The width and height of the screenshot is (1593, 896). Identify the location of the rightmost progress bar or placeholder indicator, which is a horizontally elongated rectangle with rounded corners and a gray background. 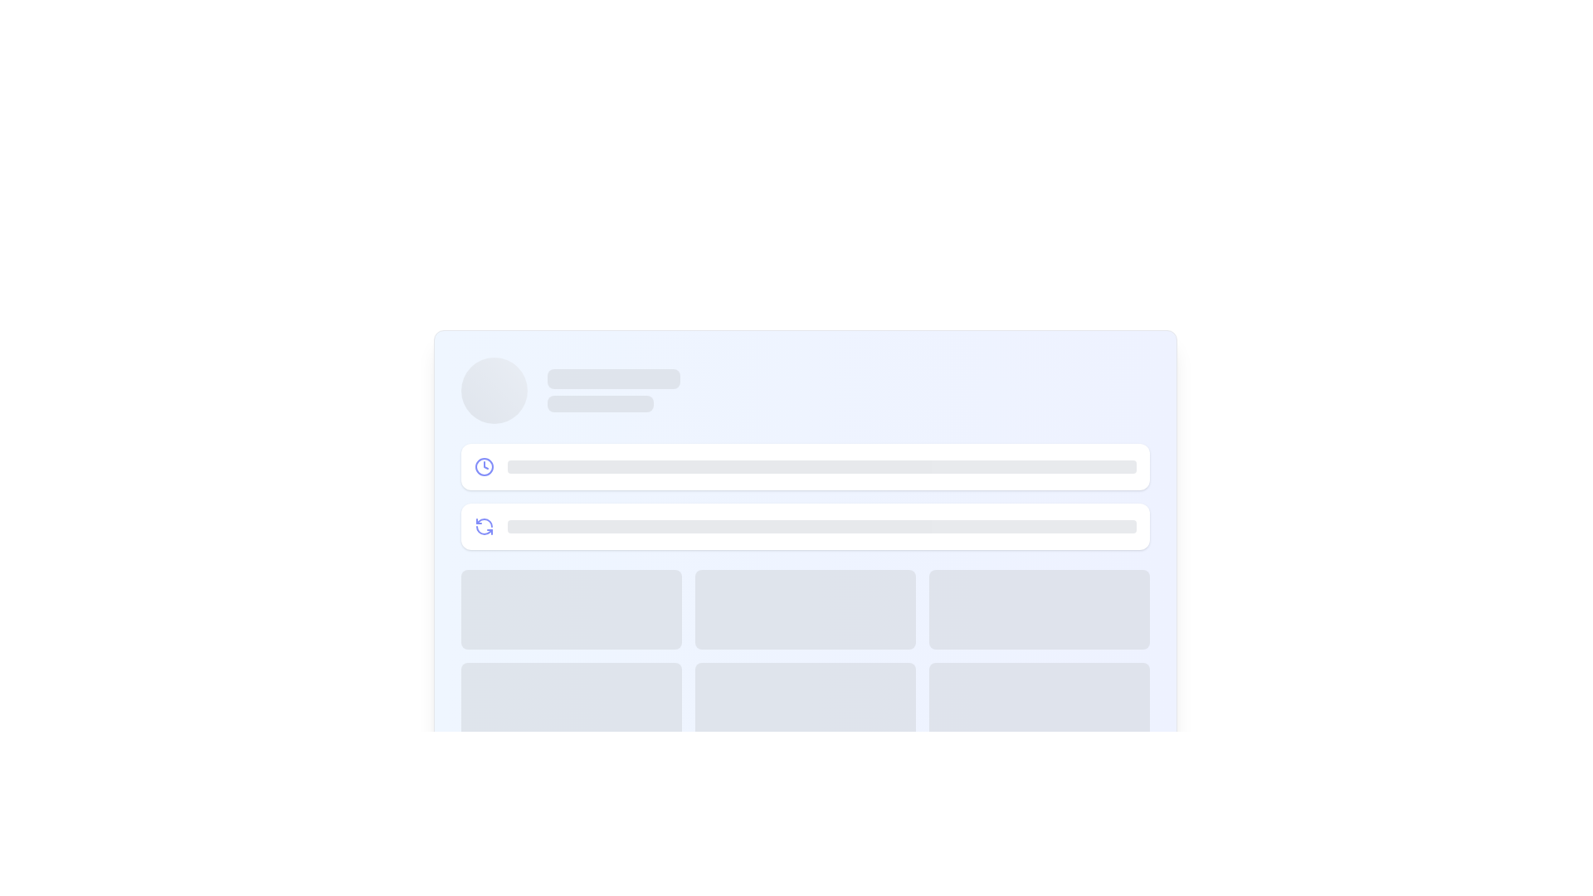
(821, 527).